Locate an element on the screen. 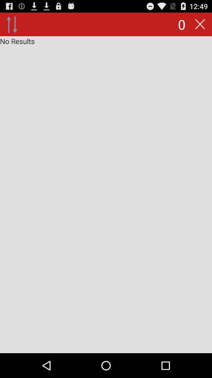 The width and height of the screenshot is (212, 378). the app next to 0 item is located at coordinates (200, 24).